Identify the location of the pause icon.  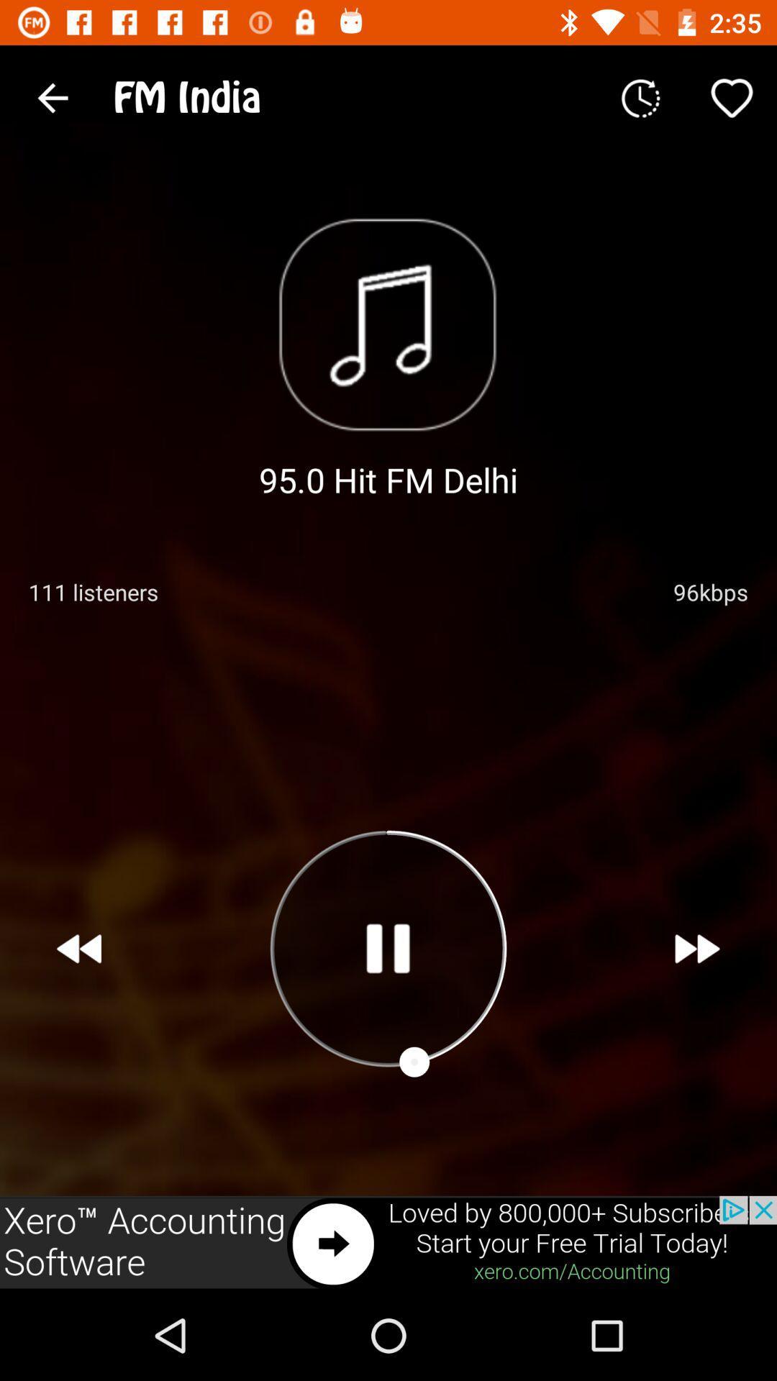
(387, 948).